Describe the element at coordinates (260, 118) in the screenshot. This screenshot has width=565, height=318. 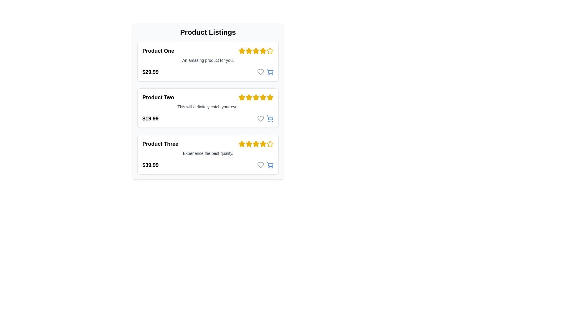
I see `the heart-shaped icon button with a hollow outline, styled in light gray, located in the second product row of the product listings interface` at that location.